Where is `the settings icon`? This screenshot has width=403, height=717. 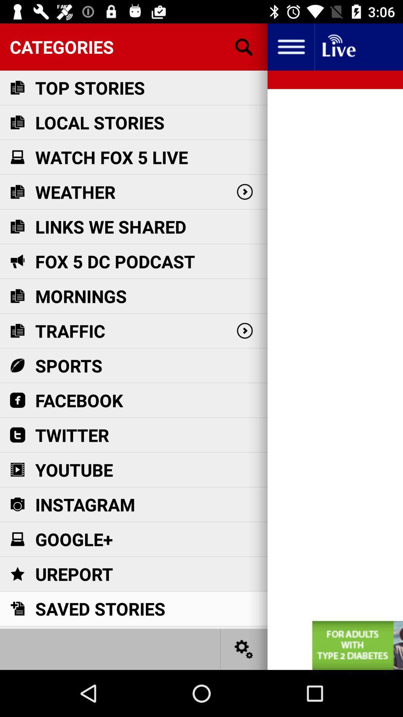 the settings icon is located at coordinates (244, 649).